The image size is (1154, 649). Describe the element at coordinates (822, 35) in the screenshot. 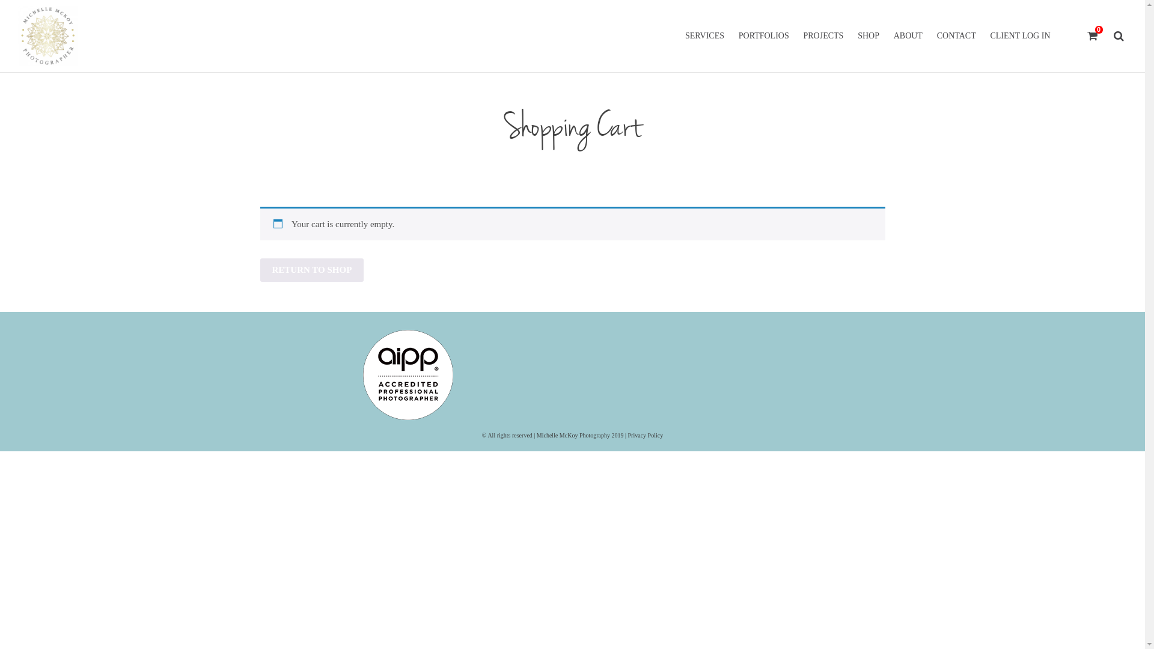

I see `'PROJECTS'` at that location.